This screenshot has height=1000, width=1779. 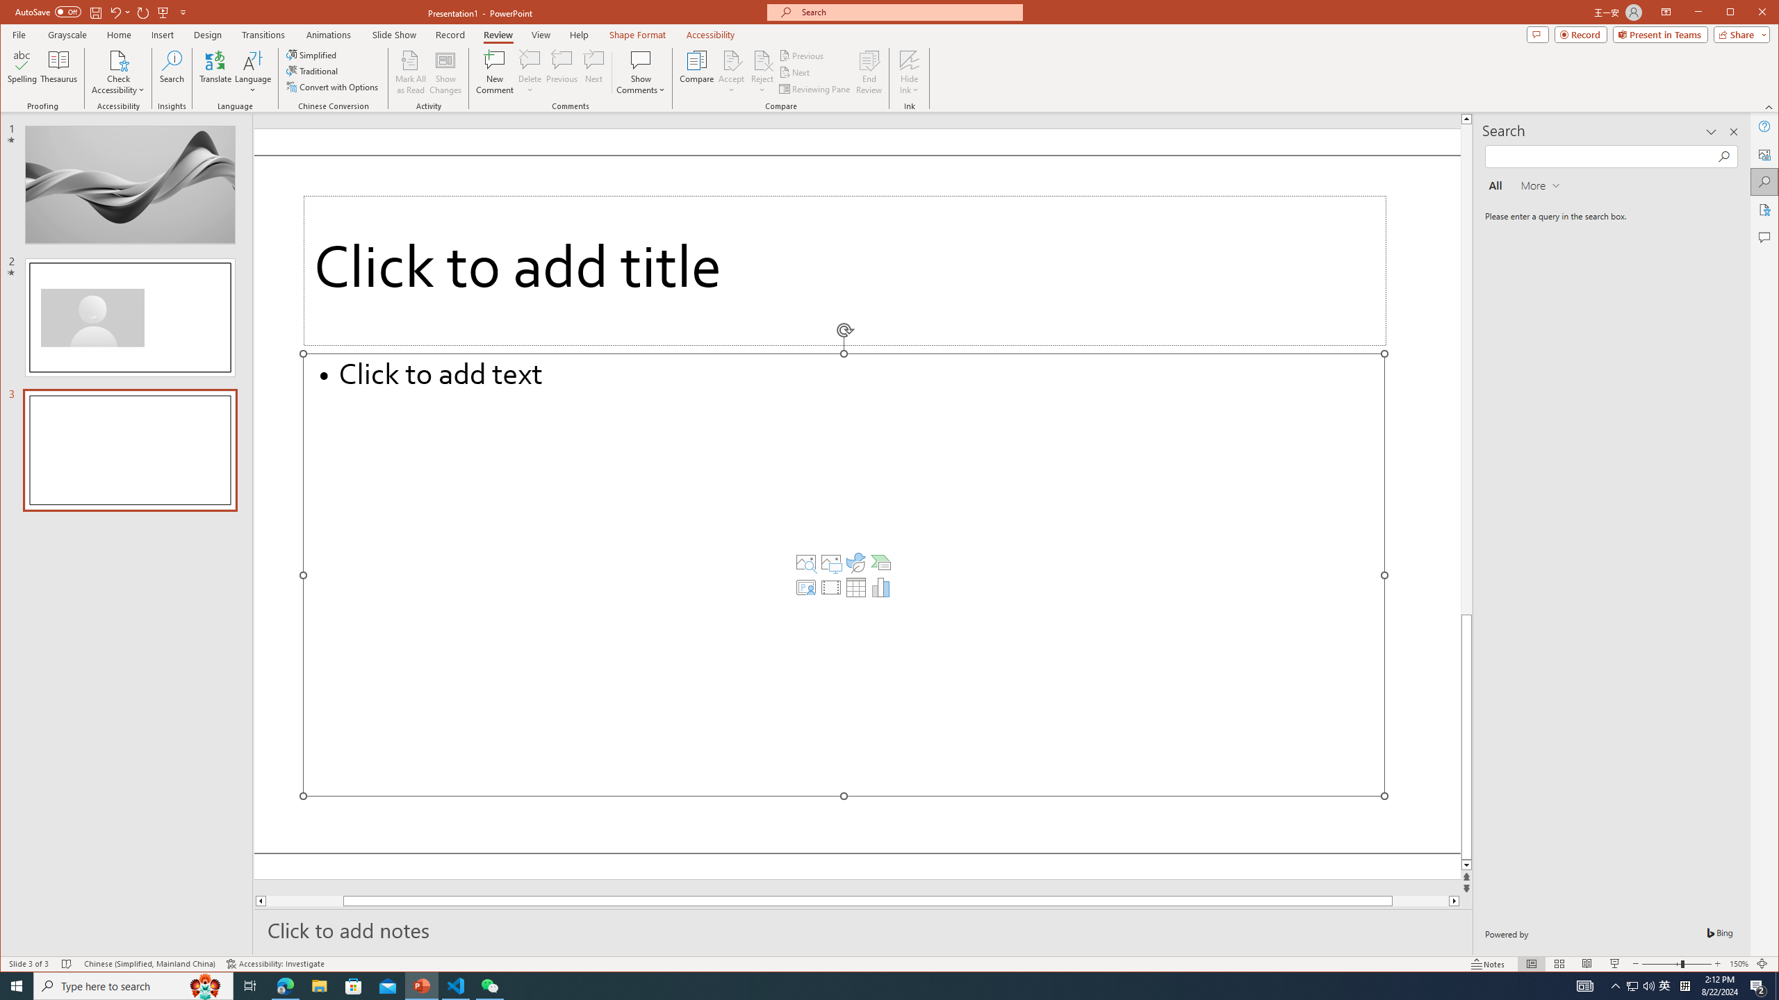 I want to click on 'Content Placeholder', so click(x=844, y=574).